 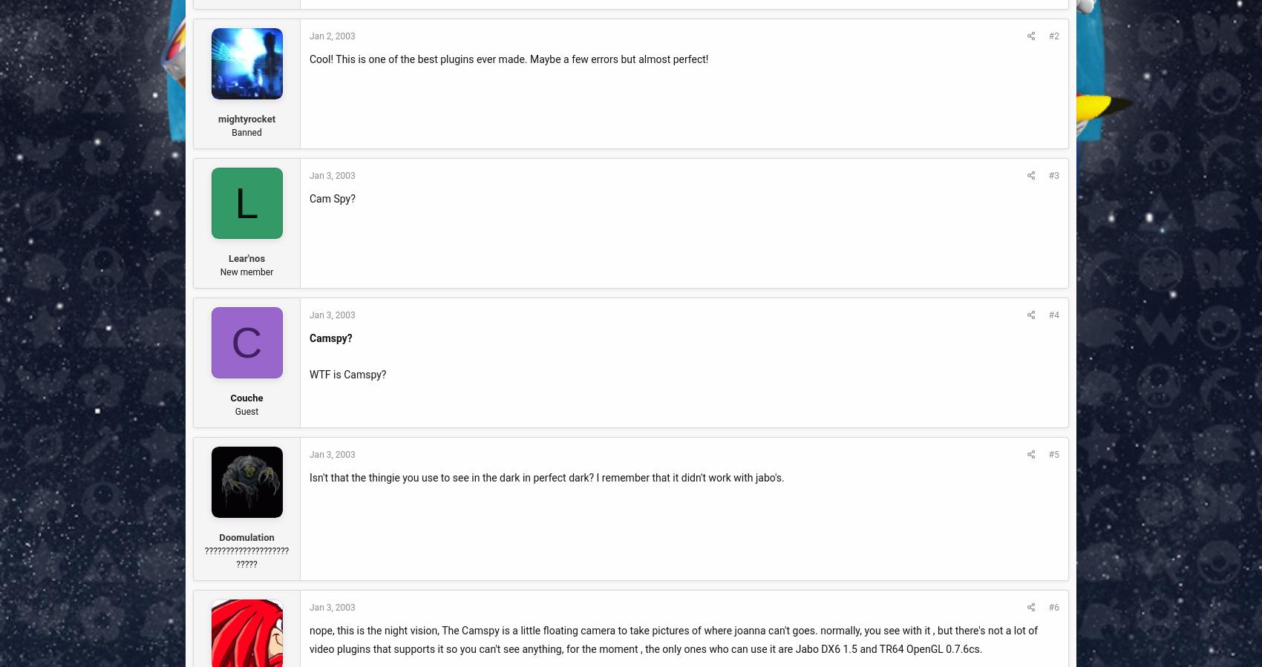 I want to click on '#5', so click(x=1053, y=454).